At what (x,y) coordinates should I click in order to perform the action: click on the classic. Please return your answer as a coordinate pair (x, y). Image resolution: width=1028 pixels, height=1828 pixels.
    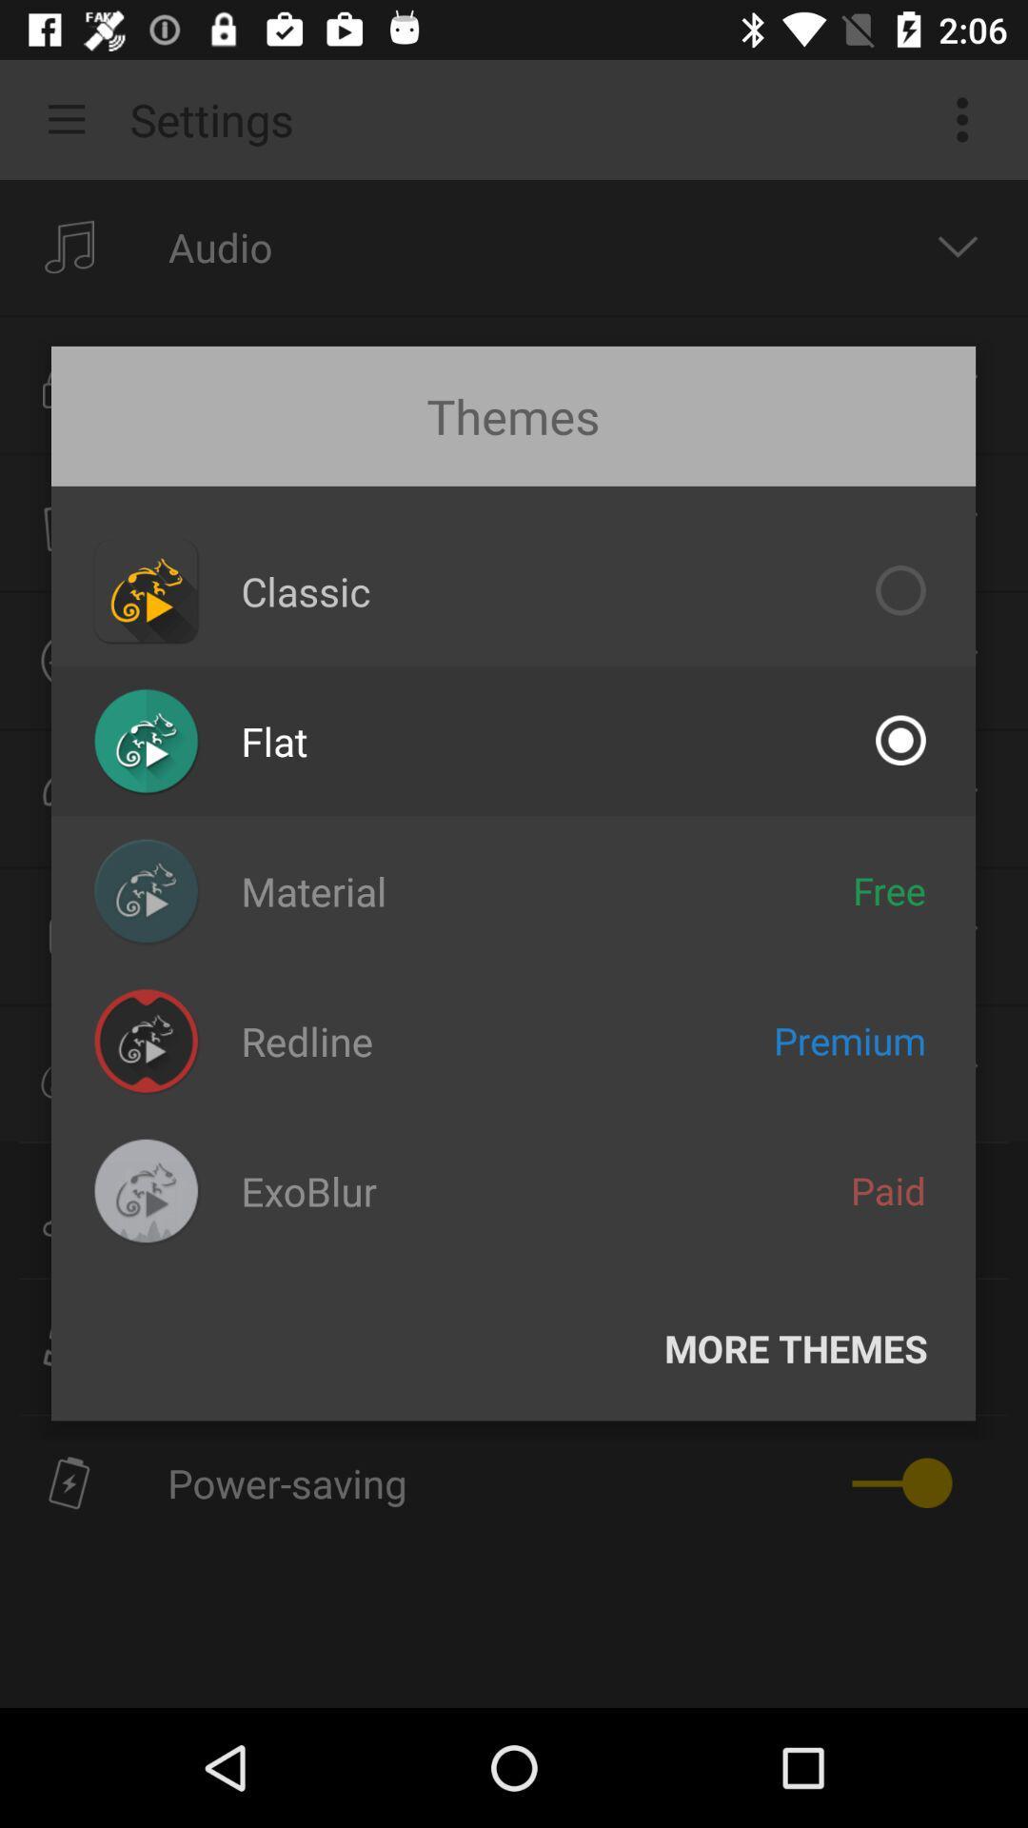
    Looking at the image, I should click on (305, 589).